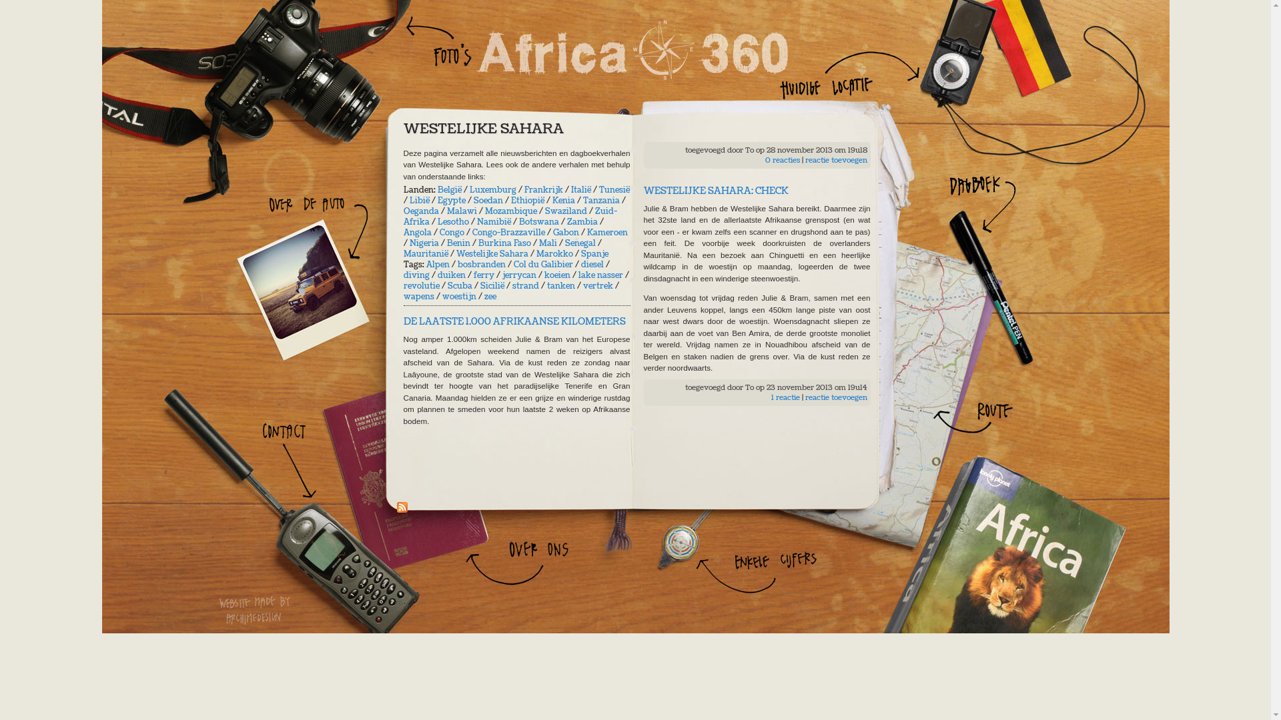 The image size is (1281, 720). What do you see at coordinates (480, 265) in the screenshot?
I see `'bosbranden'` at bounding box center [480, 265].